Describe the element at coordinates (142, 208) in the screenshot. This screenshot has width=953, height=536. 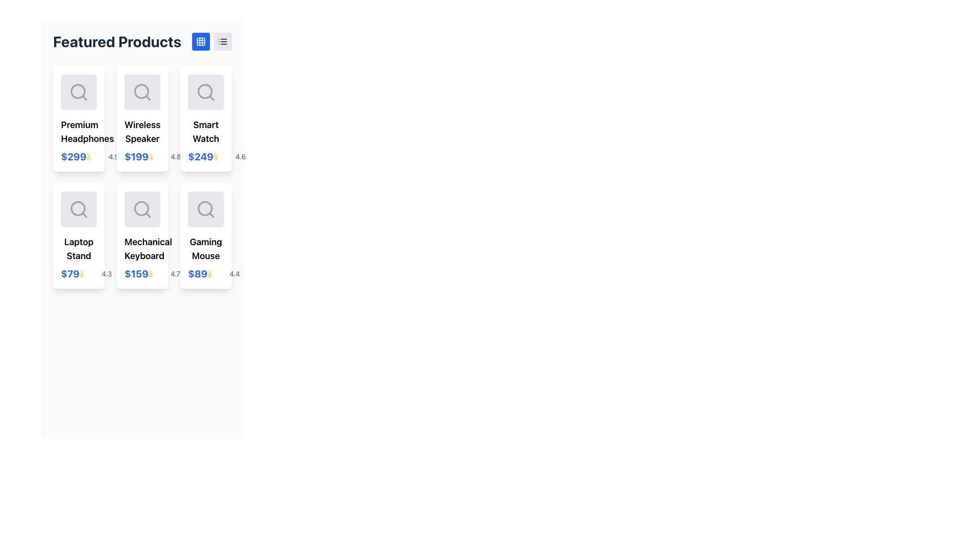
I see `the magnifying glass icon in the card labeled 'Mechanical Keyboard', which is located in the middle row, second column of the grid layout` at that location.